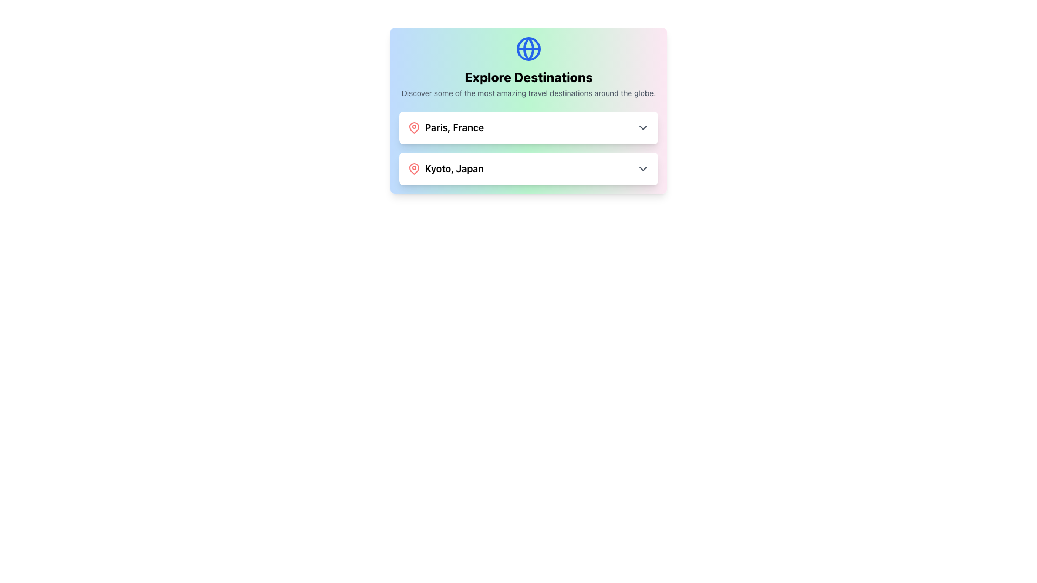 The image size is (1037, 583). What do you see at coordinates (529, 127) in the screenshot?
I see `the 'Paris, France' option in the dropdown menu` at bounding box center [529, 127].